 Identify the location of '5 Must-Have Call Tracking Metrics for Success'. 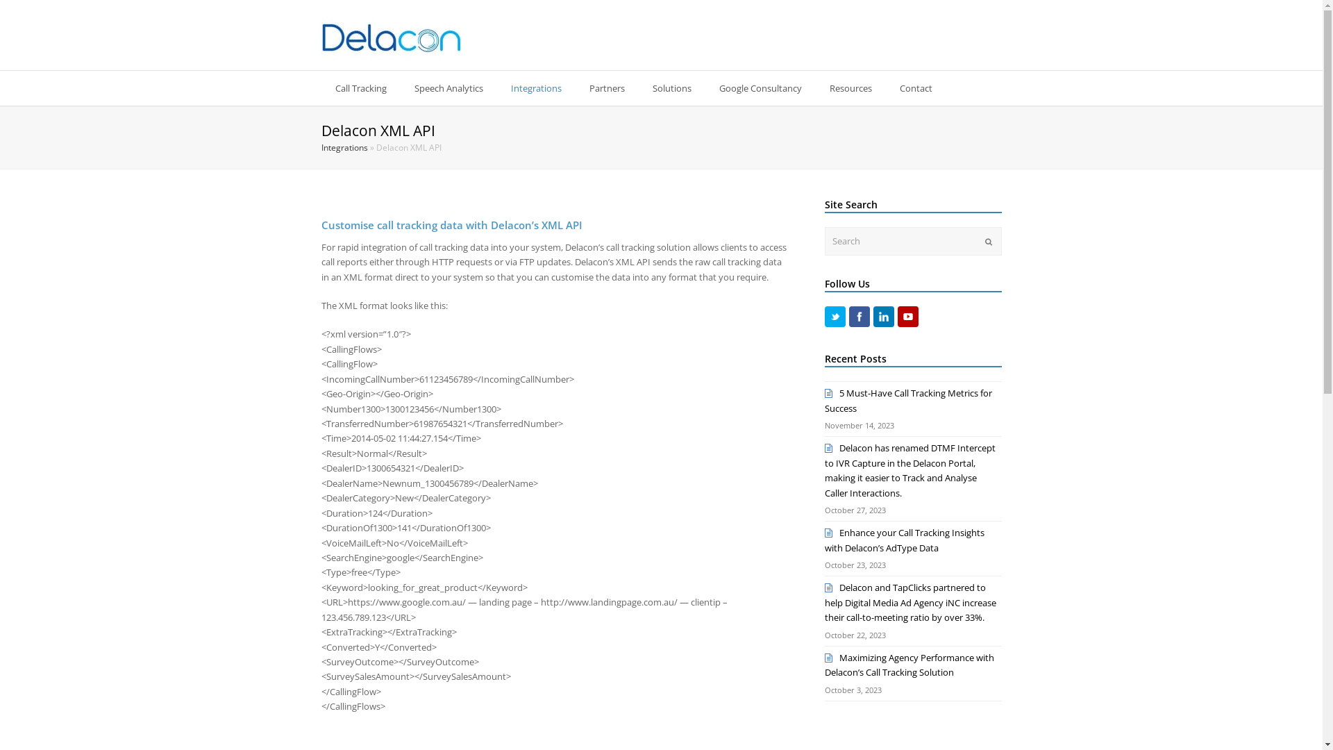
(908, 400).